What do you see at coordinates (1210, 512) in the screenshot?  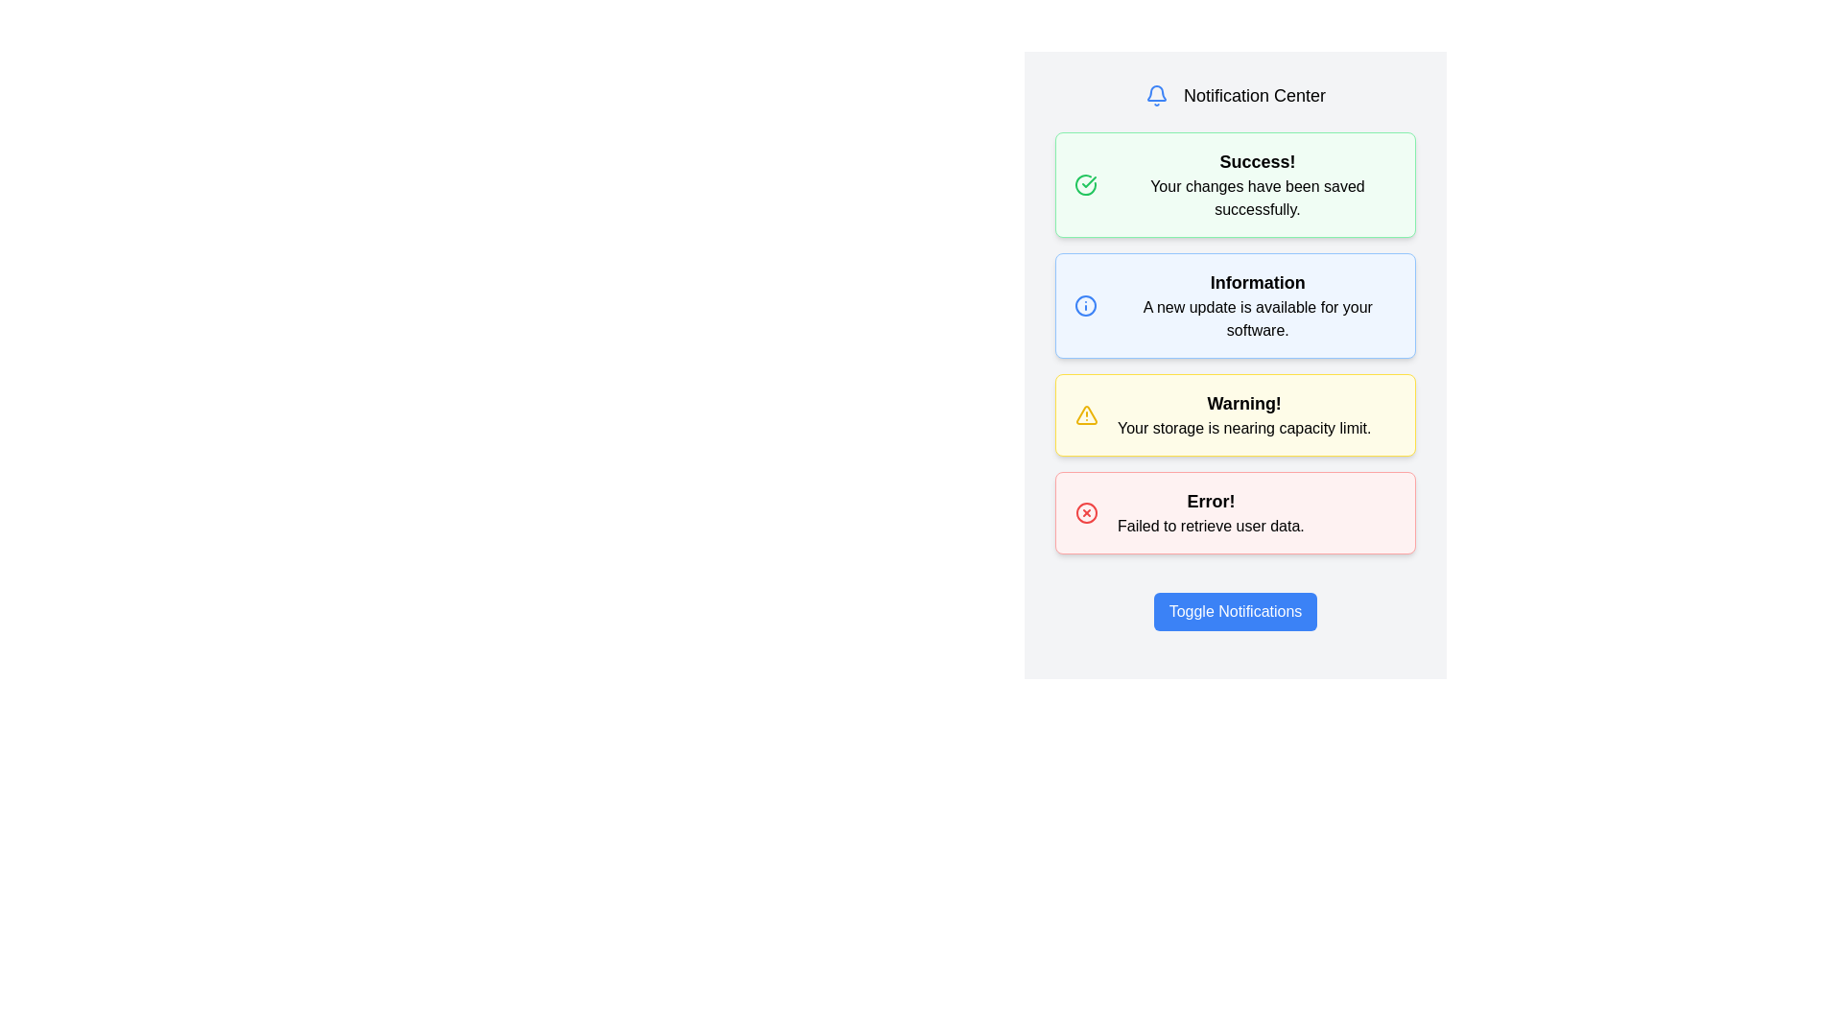 I see `error notification message displayed in the static text component located beneath the yellow warning notification and above the blue 'Toggle Notifications' button` at bounding box center [1210, 512].